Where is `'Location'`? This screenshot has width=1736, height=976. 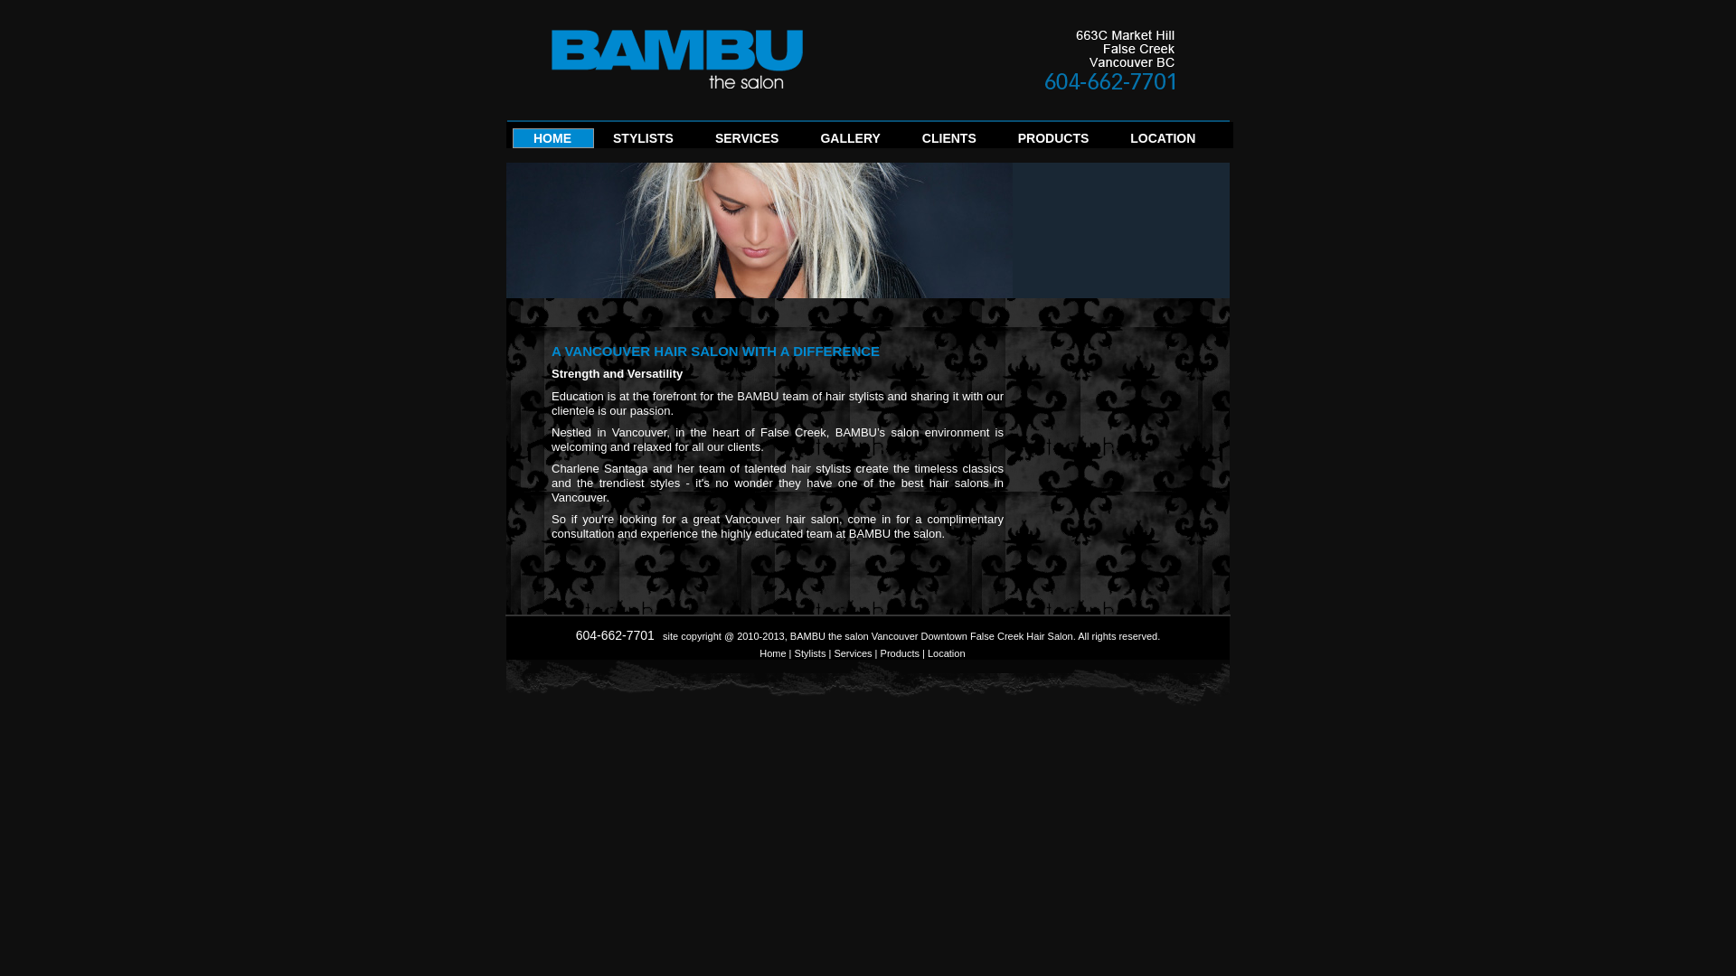
'Location' is located at coordinates (945, 652).